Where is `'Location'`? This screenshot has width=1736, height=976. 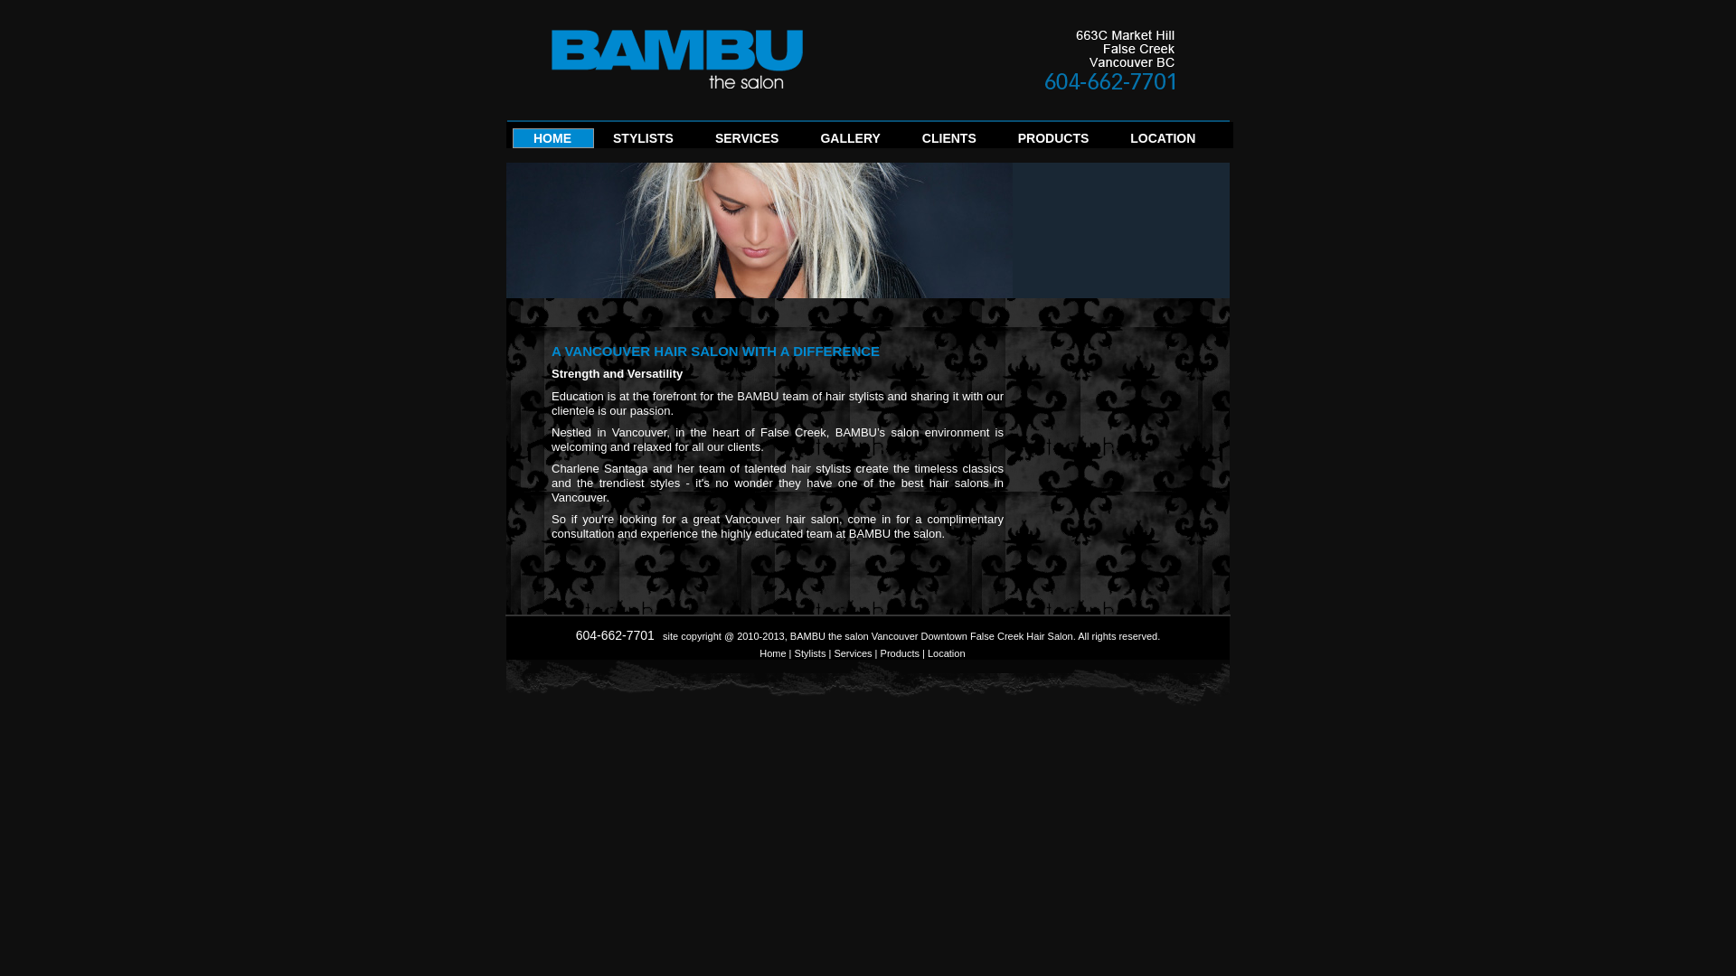
'Location' is located at coordinates (945, 652).